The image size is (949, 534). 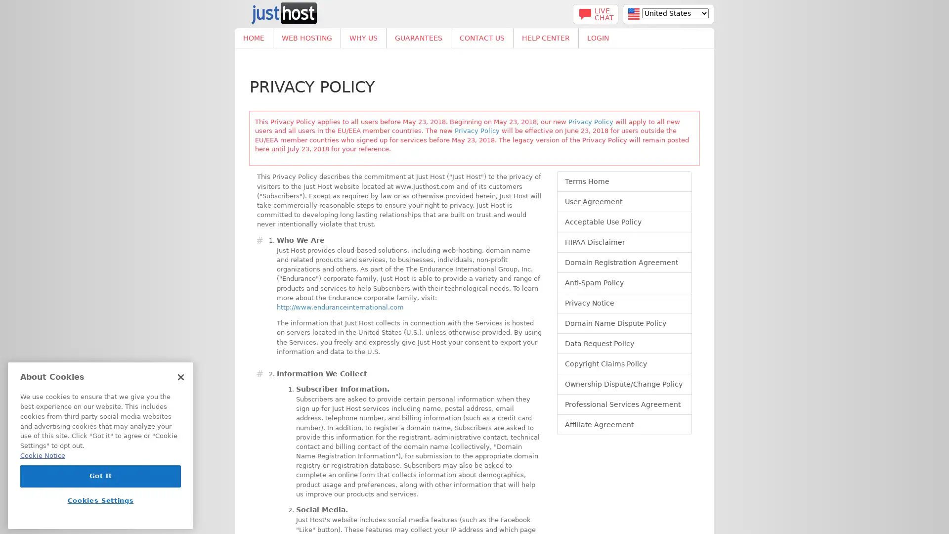 What do you see at coordinates (100, 500) in the screenshot?
I see `Cookies Settings` at bounding box center [100, 500].